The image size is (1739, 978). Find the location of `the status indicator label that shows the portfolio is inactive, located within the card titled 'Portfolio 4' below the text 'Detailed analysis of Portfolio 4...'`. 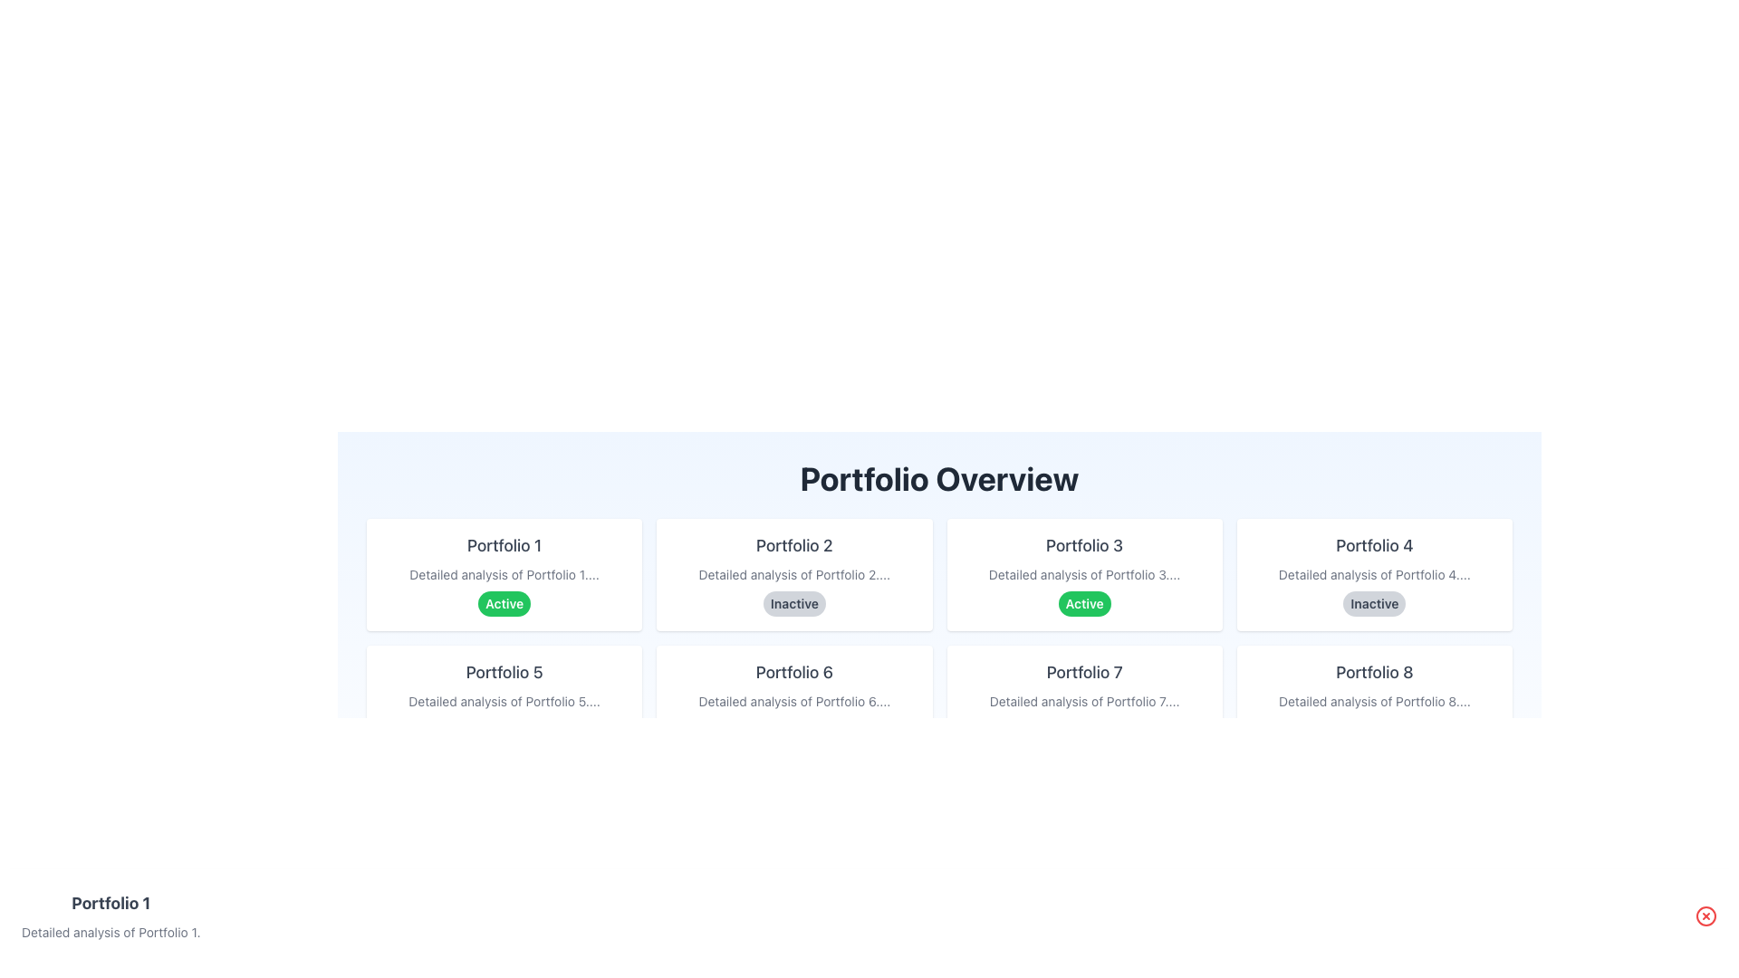

the status indicator label that shows the portfolio is inactive, located within the card titled 'Portfolio 4' below the text 'Detailed analysis of Portfolio 4...' is located at coordinates (1374, 604).